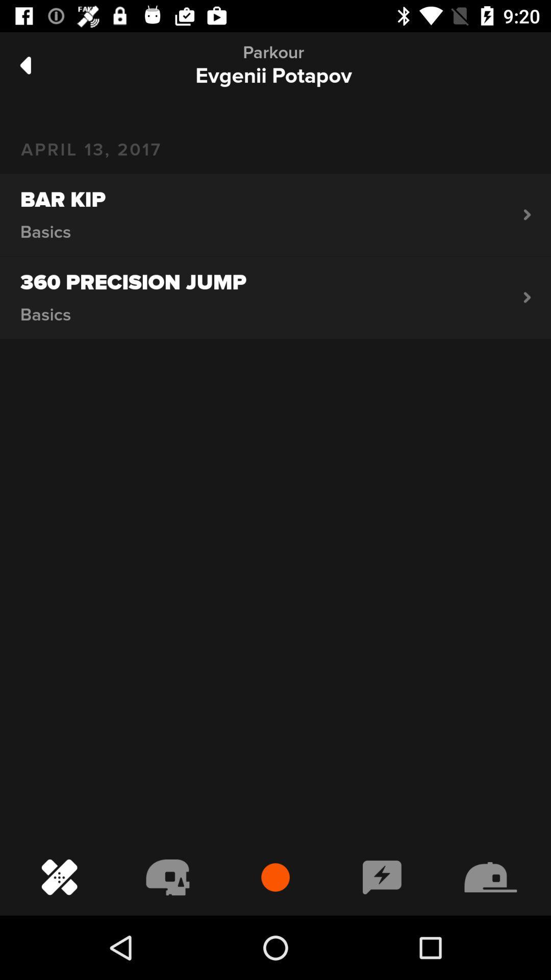  I want to click on the bottom left icon, so click(59, 877).